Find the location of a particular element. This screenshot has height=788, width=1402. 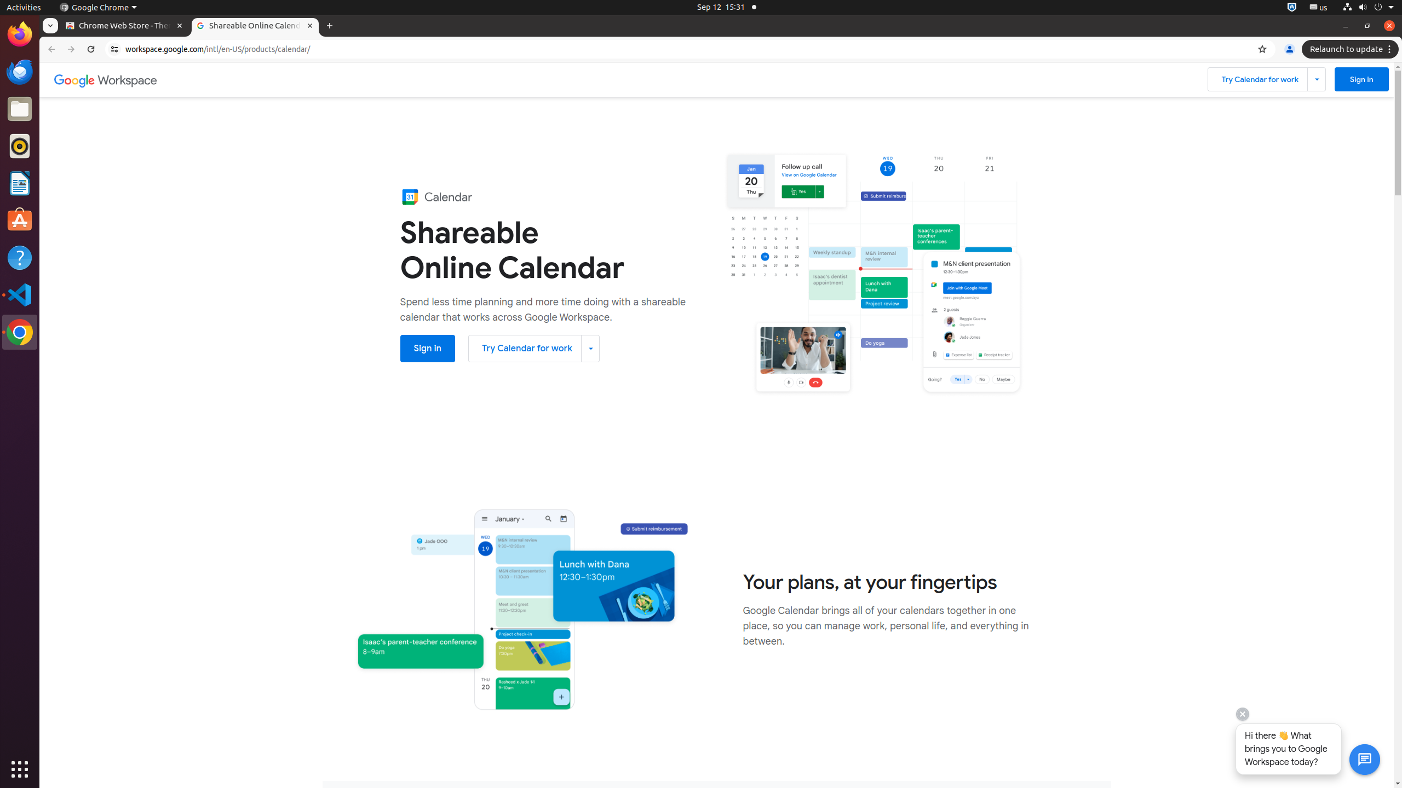

'Try Calendar for work' is located at coordinates (533, 348).